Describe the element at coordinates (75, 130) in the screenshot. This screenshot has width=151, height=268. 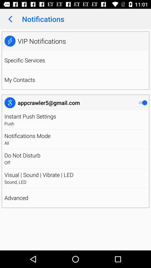
I see `app above notifications mode icon` at that location.